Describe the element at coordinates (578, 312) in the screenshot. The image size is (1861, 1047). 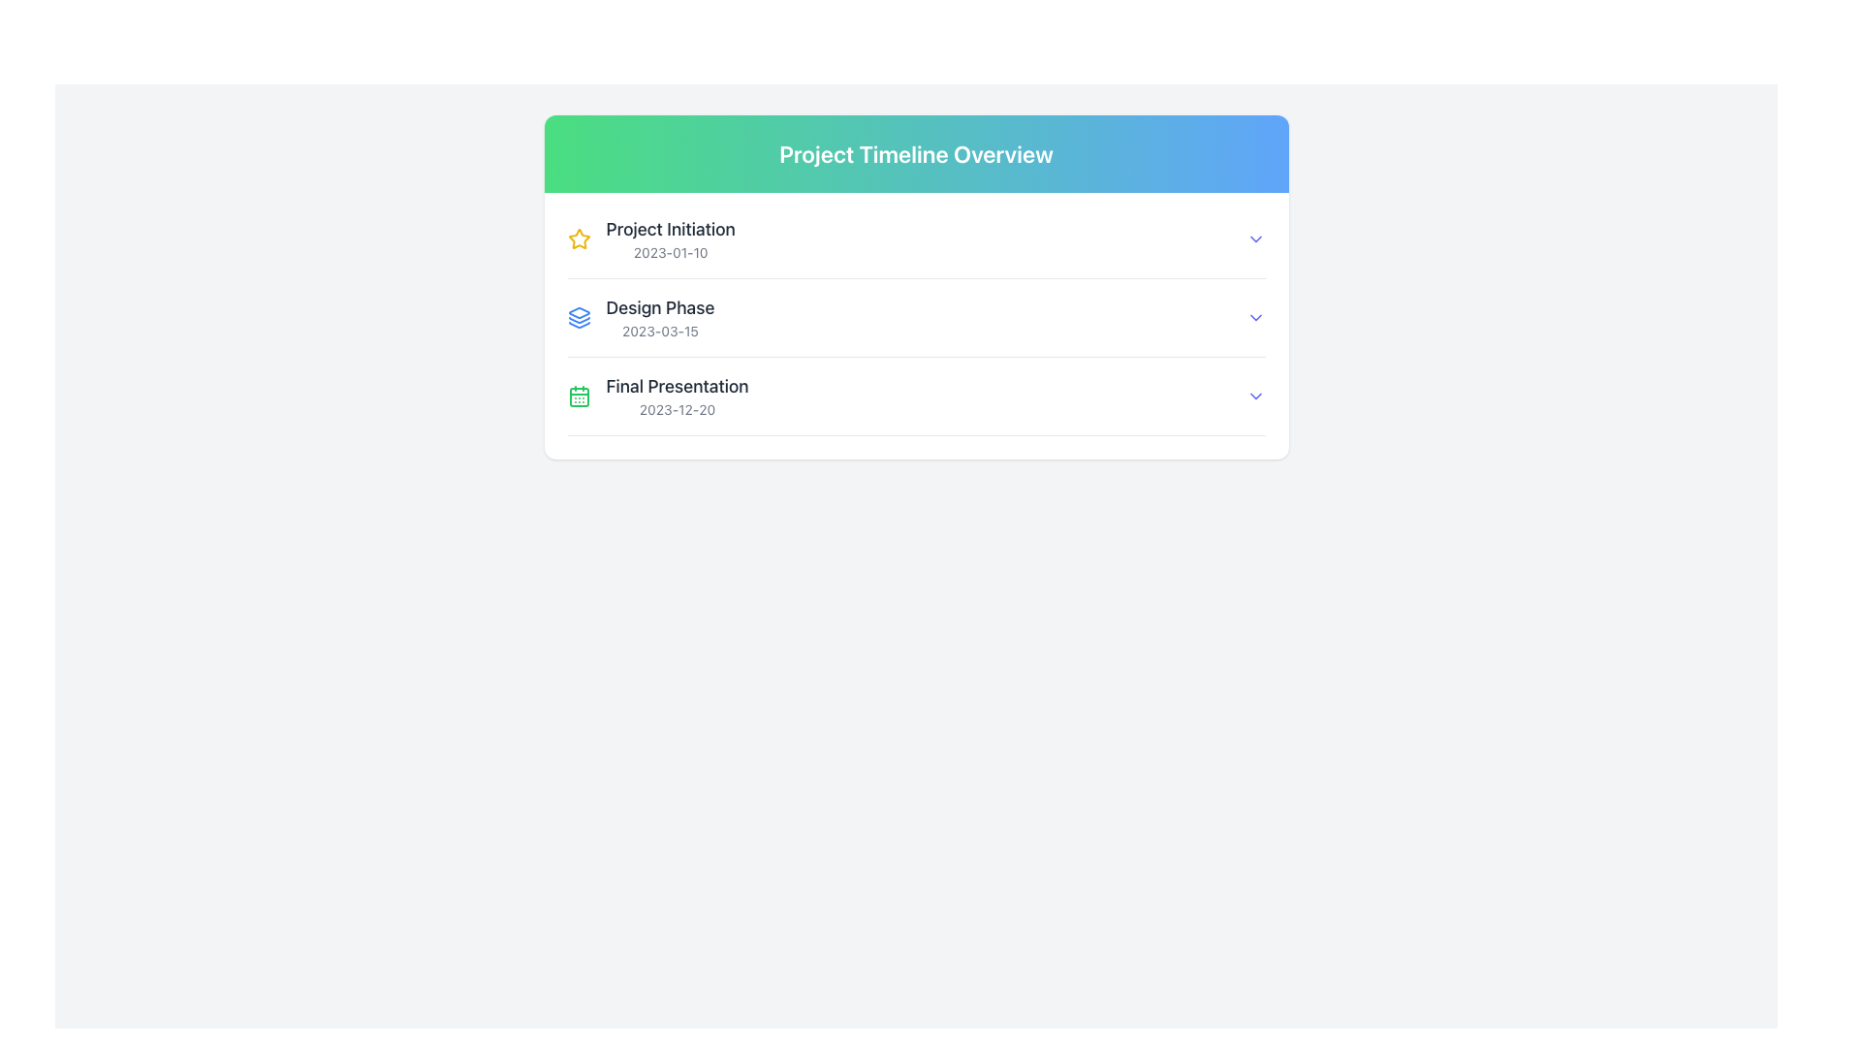
I see `the topmost layer icon in the control section` at that location.